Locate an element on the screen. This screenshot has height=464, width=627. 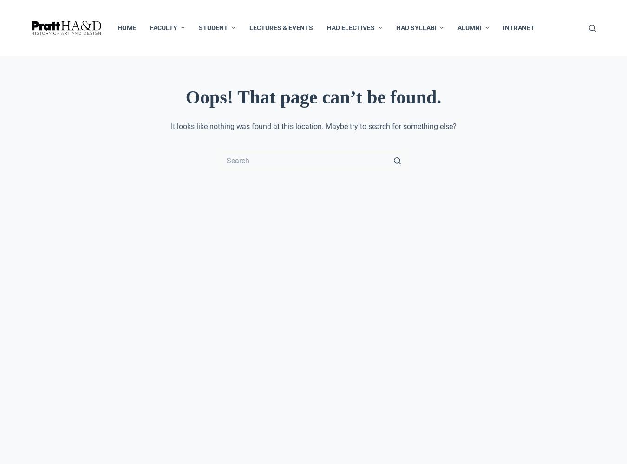
'HAD Department Calendar (SU24 – SP25)' is located at coordinates (231, 190).